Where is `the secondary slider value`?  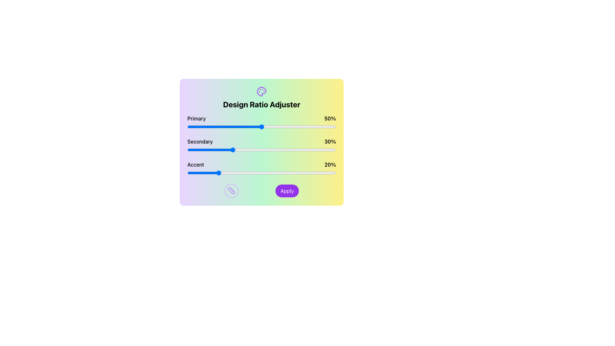
the secondary slider value is located at coordinates (196, 150).